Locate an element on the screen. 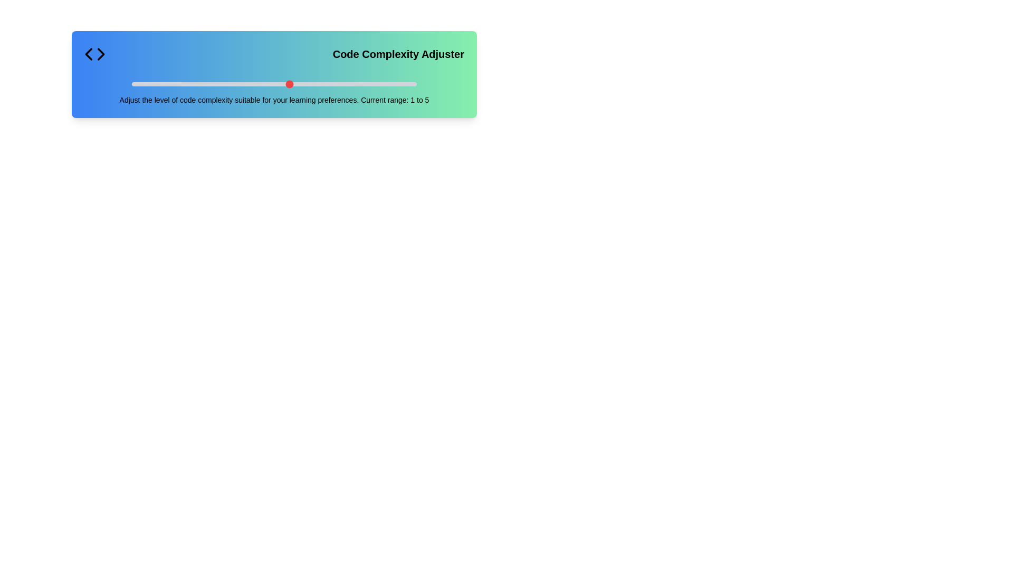  the slider to set the code complexity to 6 is located at coordinates (290, 83).